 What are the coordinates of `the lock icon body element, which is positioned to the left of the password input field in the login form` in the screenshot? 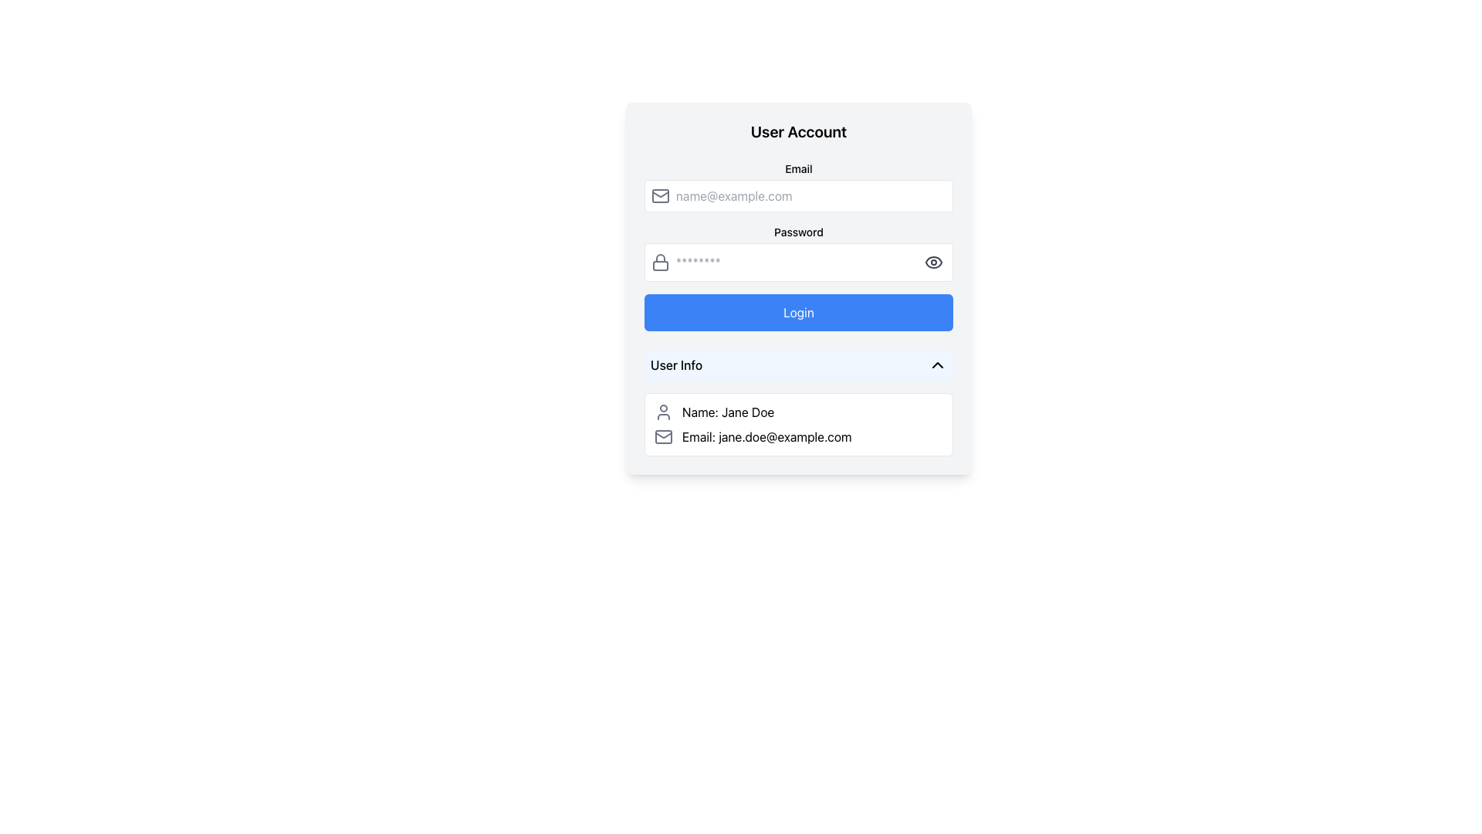 It's located at (660, 265).